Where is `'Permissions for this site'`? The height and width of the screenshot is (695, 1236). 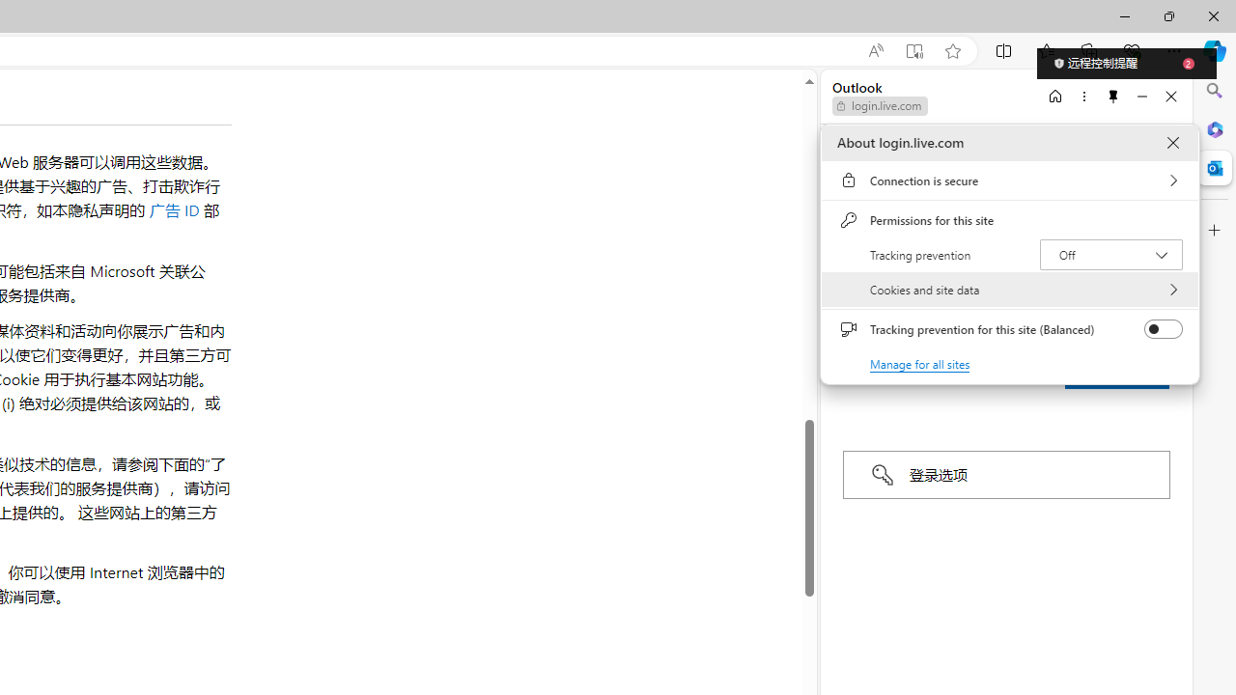
'Permissions for this site' is located at coordinates (1009, 219).